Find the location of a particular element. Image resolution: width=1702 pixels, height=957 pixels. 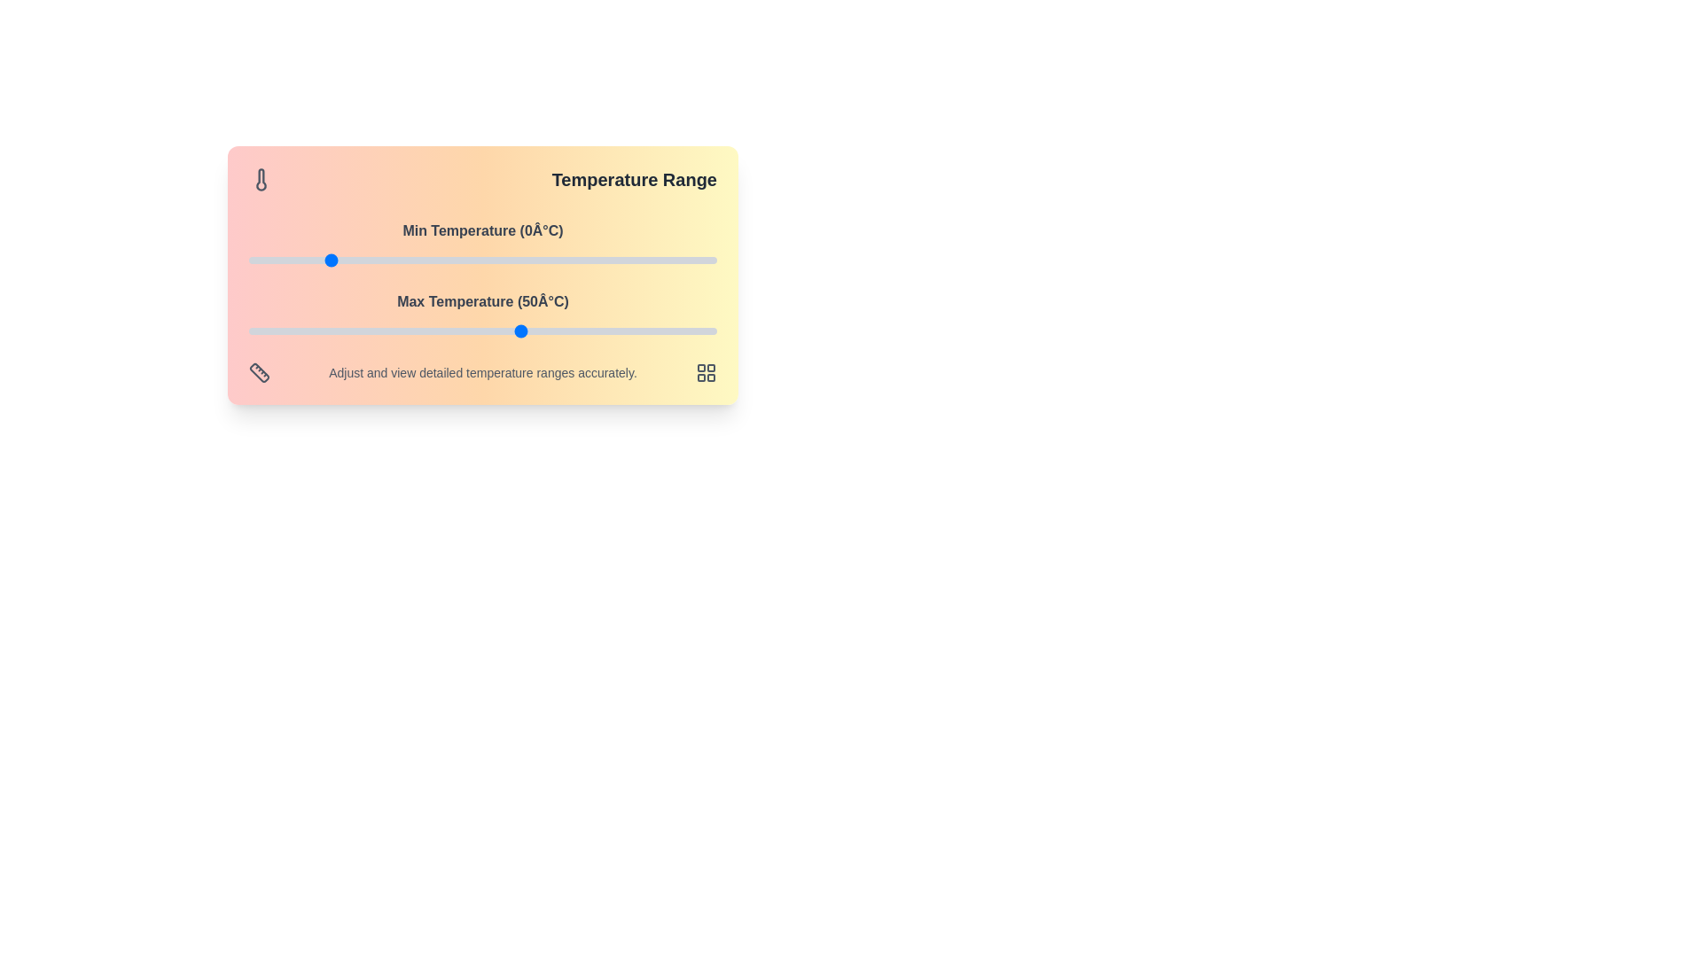

the minimum temperature slider to 79°C is located at coordinates (635, 260).